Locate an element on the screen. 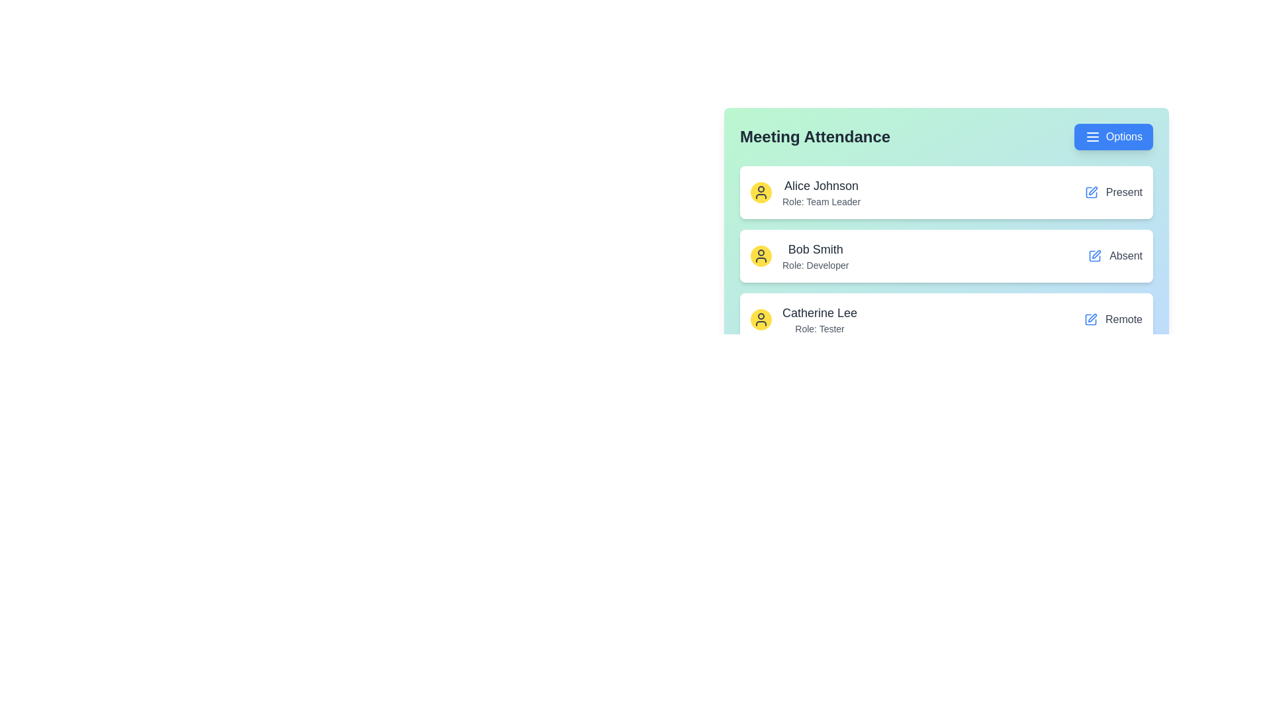 The image size is (1271, 715). the attendance status text label indicating 'Present' for 'Alice Johnson', which is positioned at the rightmost edge of the attendance row is located at coordinates (1113, 192).